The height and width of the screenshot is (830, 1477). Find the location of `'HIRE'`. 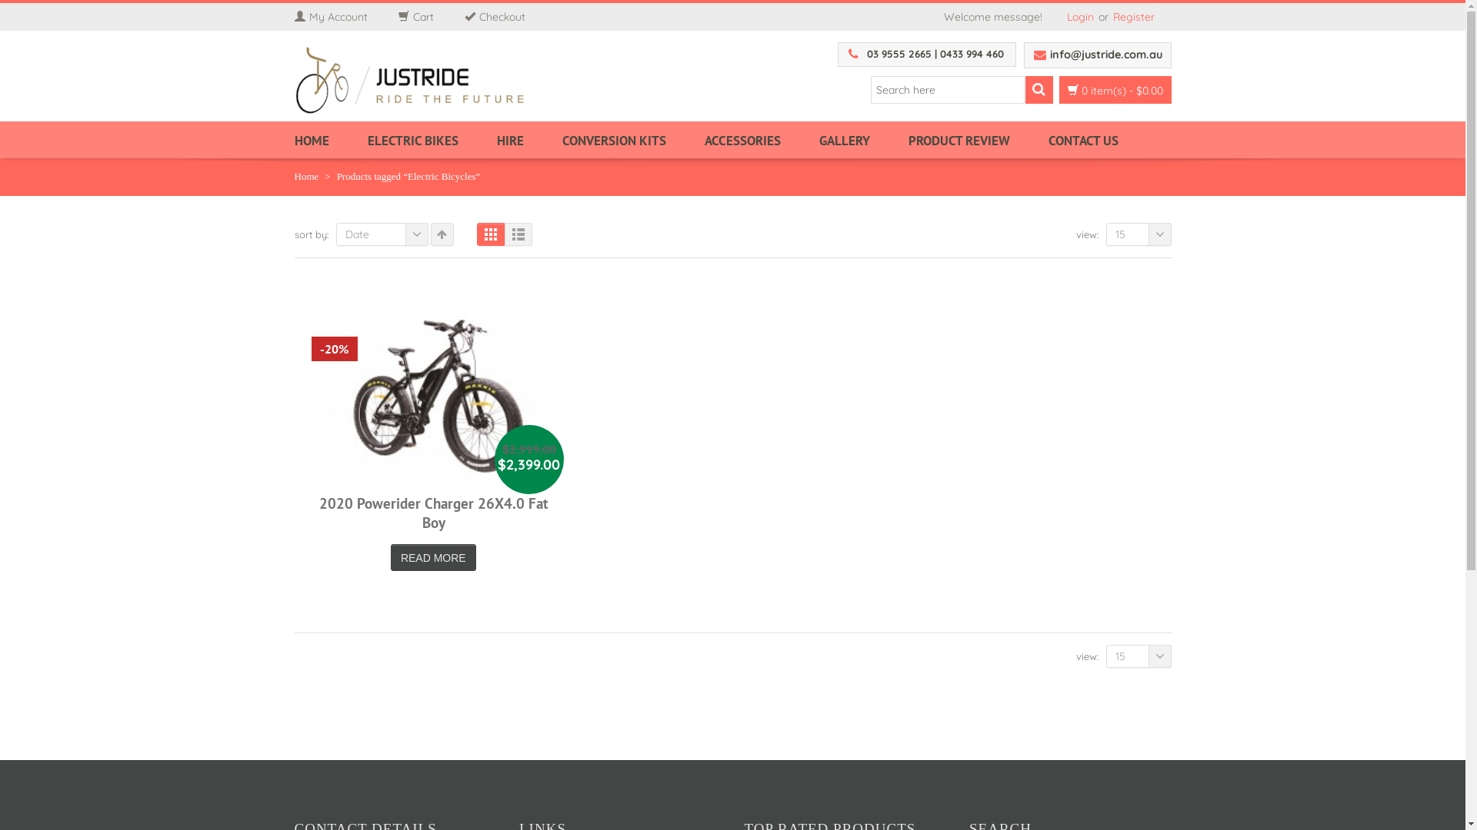

'HIRE' is located at coordinates (529, 139).